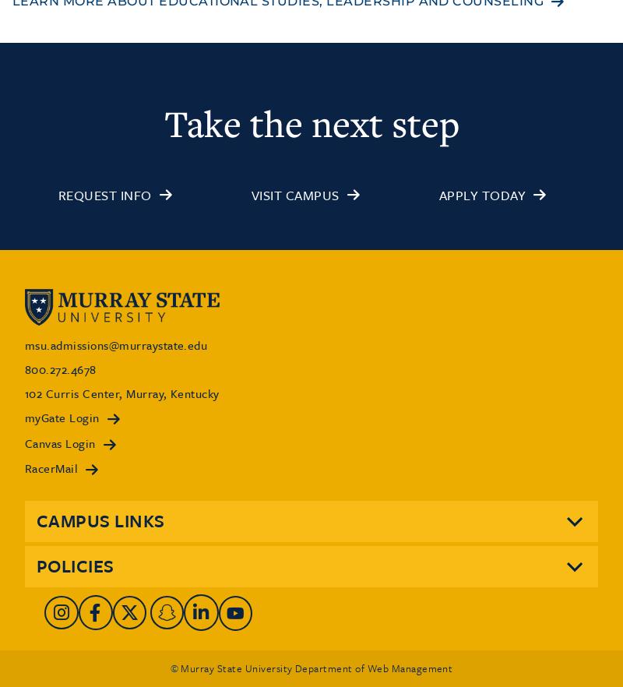 The width and height of the screenshot is (623, 687). What do you see at coordinates (121, 393) in the screenshot?
I see `'102 Curris Center, Murray, Kentucky'` at bounding box center [121, 393].